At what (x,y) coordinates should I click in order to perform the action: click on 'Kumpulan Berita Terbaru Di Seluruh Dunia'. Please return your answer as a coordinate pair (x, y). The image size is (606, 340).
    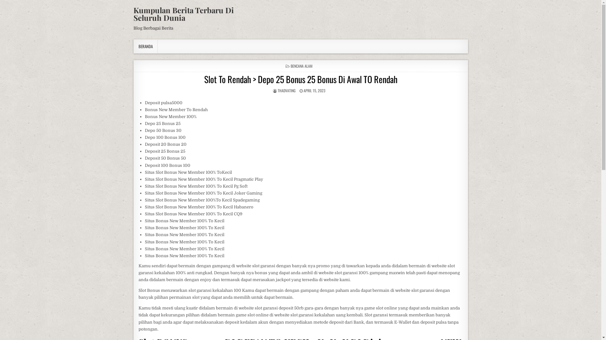
    Looking at the image, I should click on (183, 14).